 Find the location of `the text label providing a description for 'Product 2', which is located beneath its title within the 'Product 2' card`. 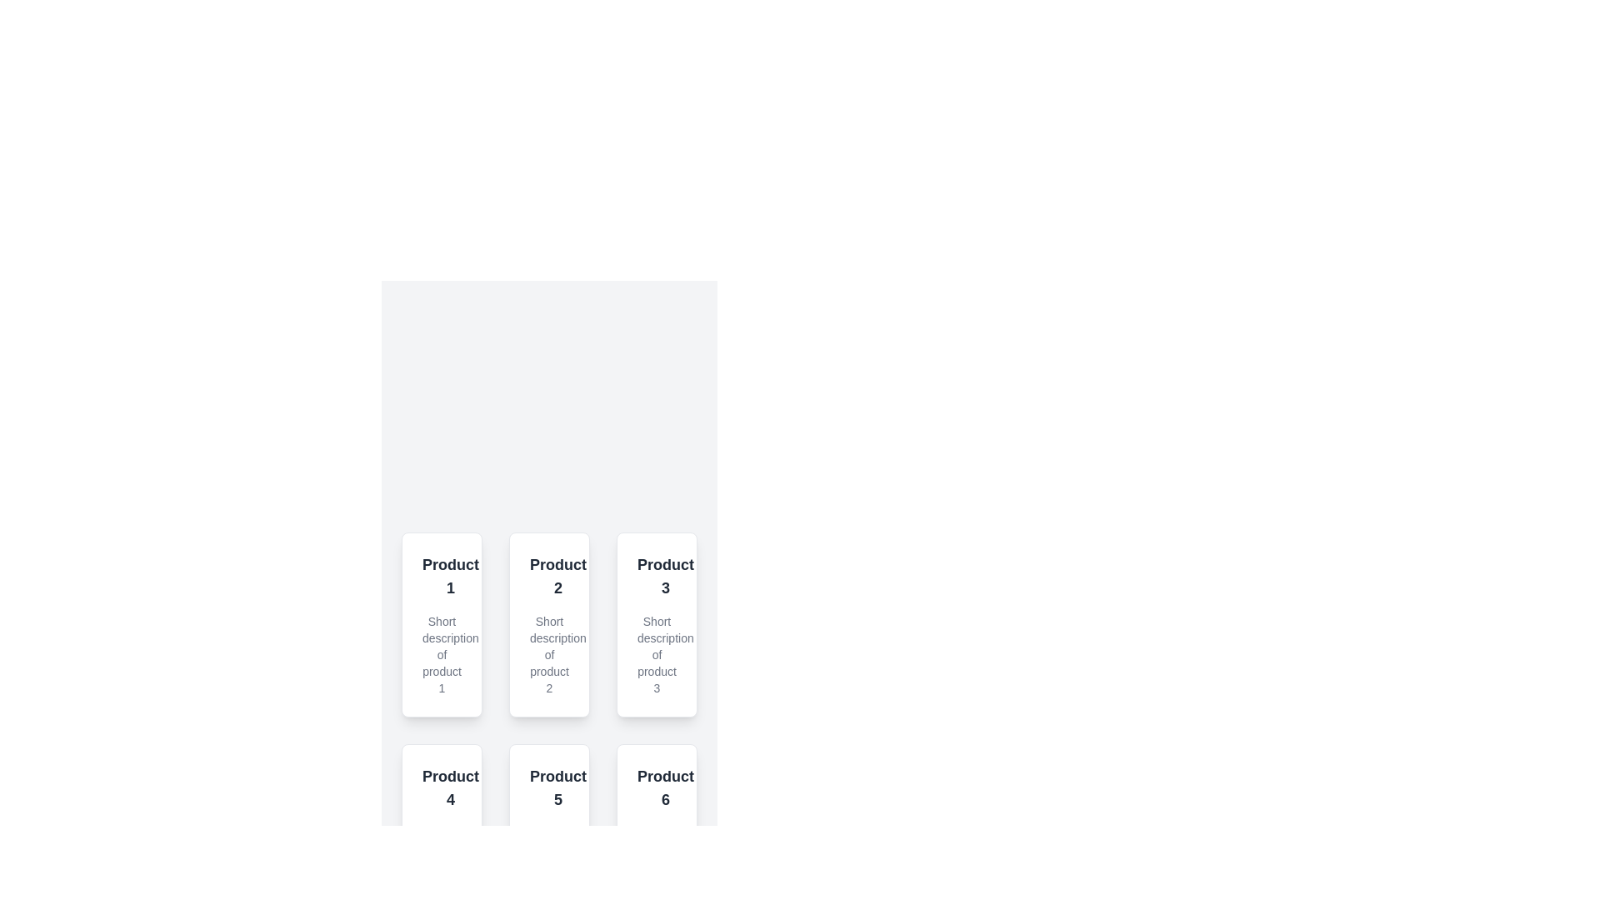

the text label providing a description for 'Product 2', which is located beneath its title within the 'Product 2' card is located at coordinates (549, 654).